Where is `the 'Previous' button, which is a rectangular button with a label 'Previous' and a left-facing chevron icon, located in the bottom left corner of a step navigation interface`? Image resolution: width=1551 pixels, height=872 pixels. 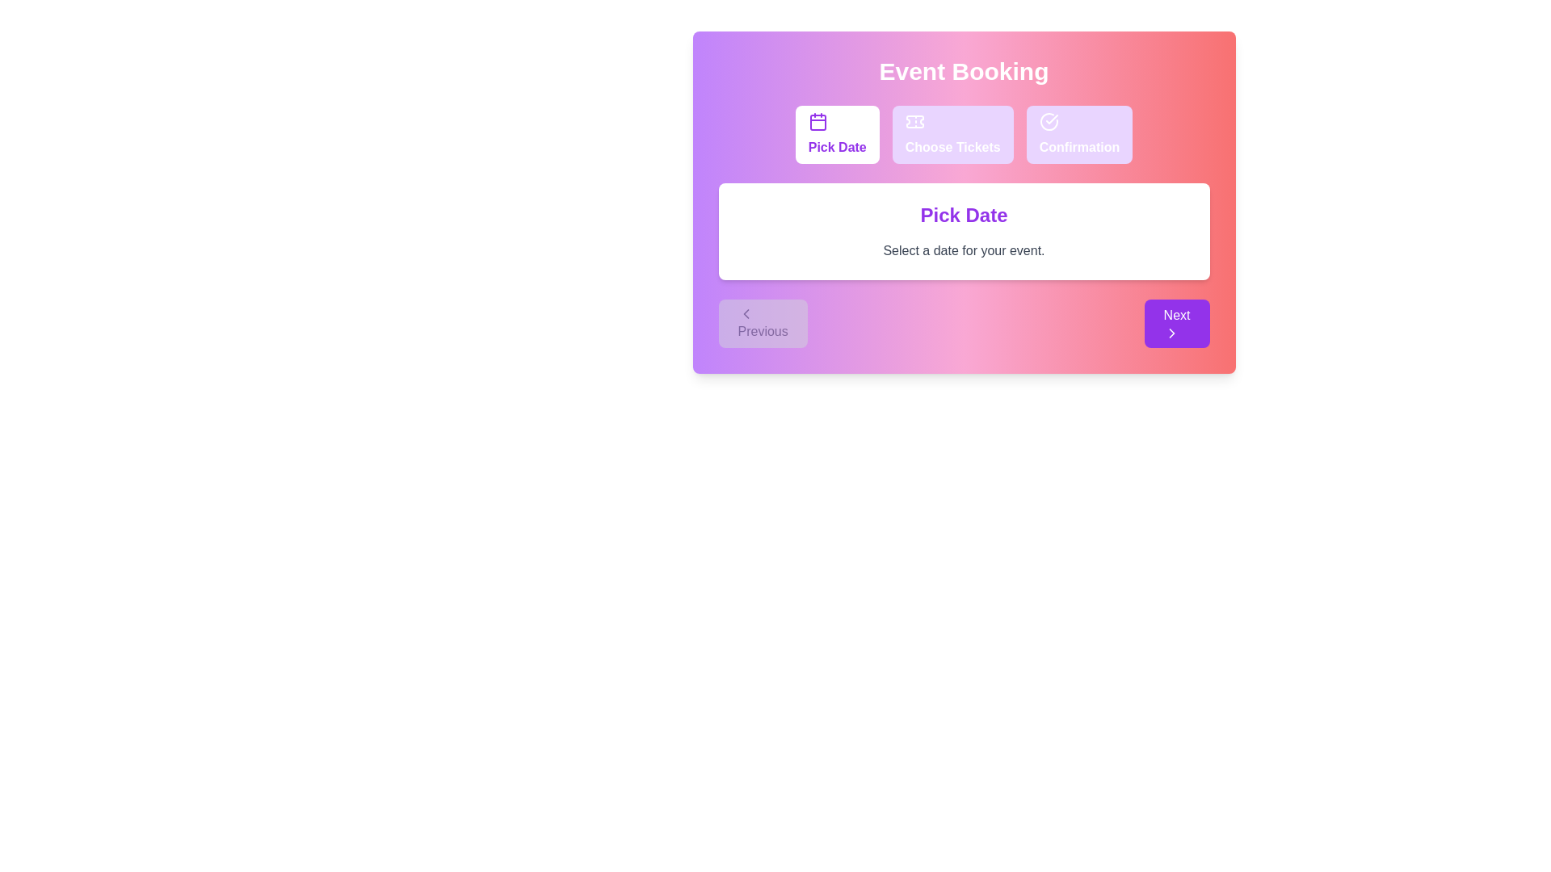
the 'Previous' button, which is a rectangular button with a label 'Previous' and a left-facing chevron icon, located in the bottom left corner of a step navigation interface is located at coordinates (762, 324).